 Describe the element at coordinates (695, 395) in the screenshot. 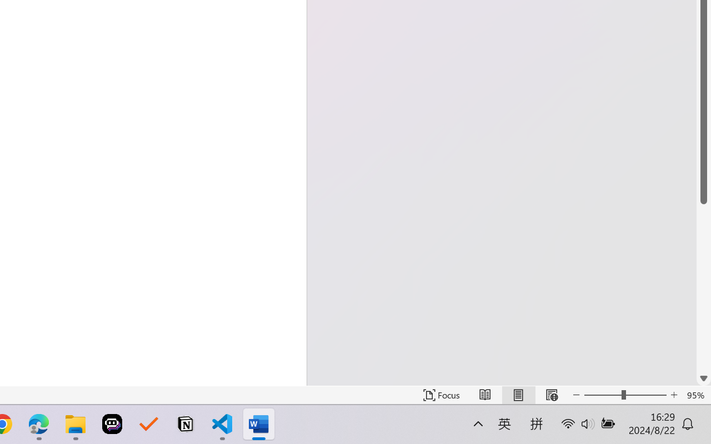

I see `'Zoom 95%'` at that location.